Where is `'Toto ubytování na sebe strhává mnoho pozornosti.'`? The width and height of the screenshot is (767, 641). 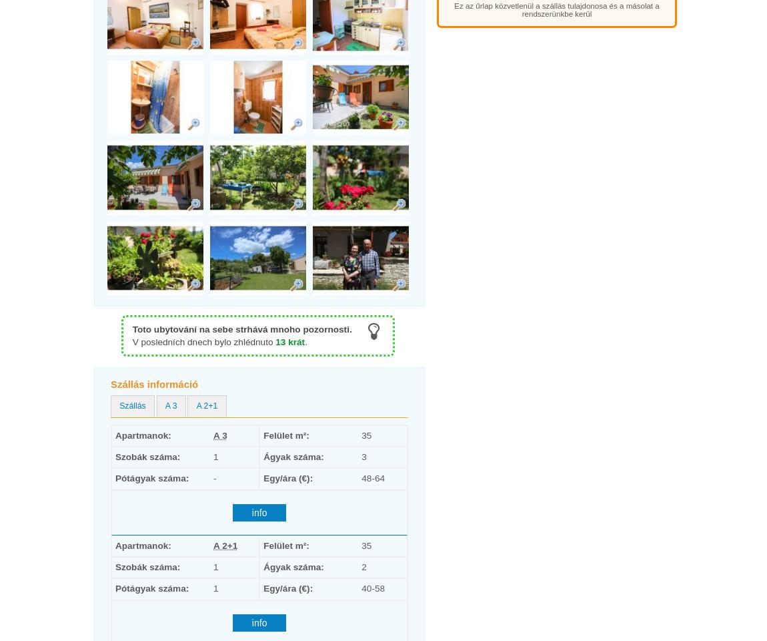 'Toto ubytování na sebe strhává mnoho pozornosti.' is located at coordinates (241, 329).